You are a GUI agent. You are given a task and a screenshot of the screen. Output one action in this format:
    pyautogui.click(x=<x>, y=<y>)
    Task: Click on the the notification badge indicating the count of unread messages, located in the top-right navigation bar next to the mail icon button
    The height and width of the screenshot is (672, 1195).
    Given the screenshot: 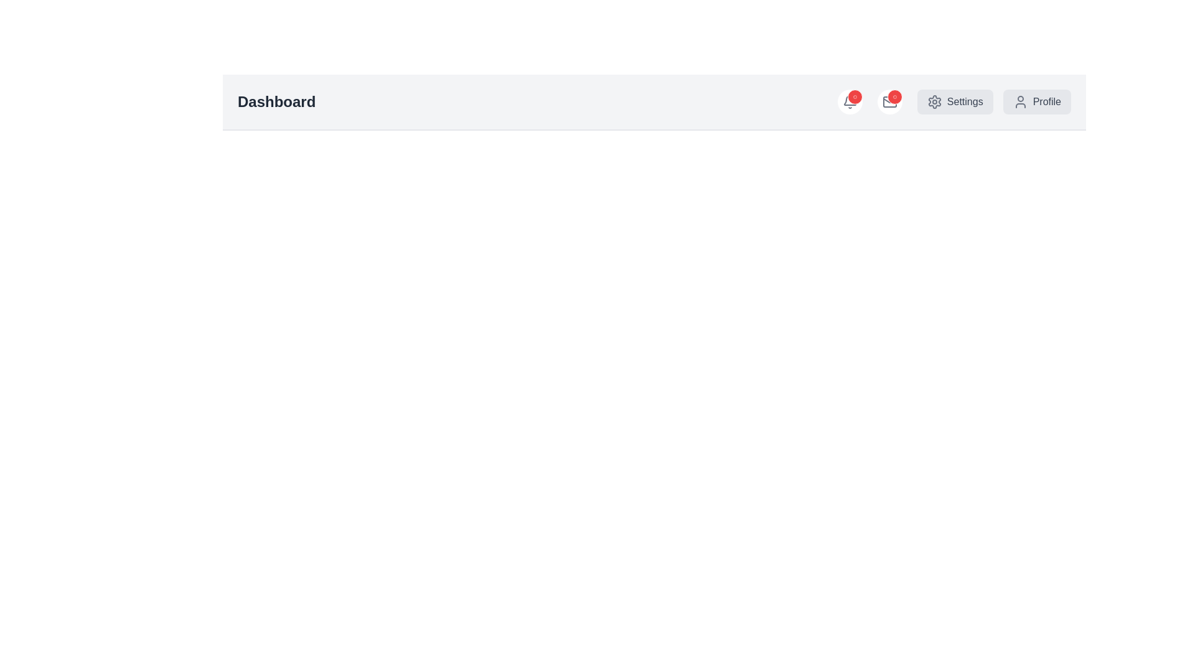 What is the action you would take?
    pyautogui.click(x=894, y=96)
    